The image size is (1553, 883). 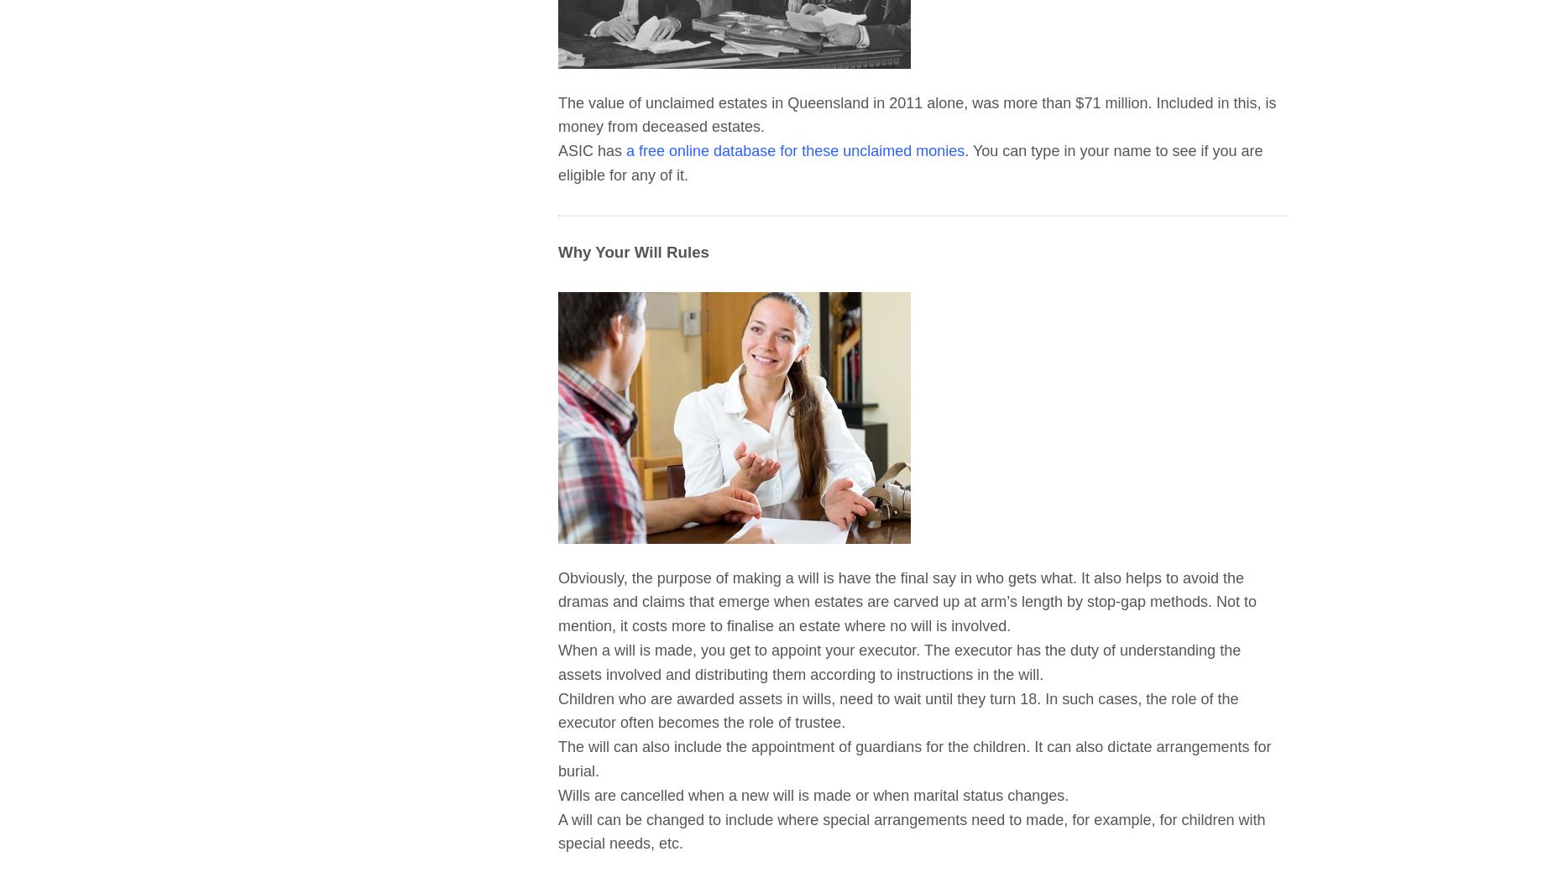 I want to click on '. You can type in your name to see if you are eligible for any of it.', so click(x=557, y=162).